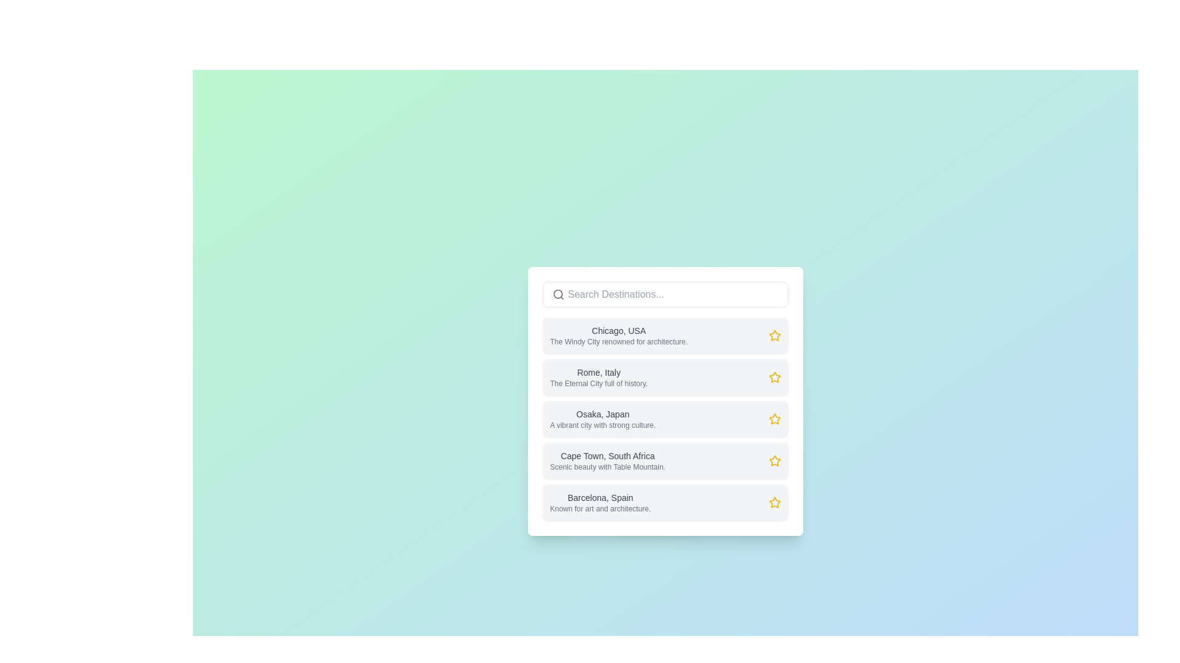  Describe the element at coordinates (774, 502) in the screenshot. I see `the star icon located at the bottommost list item of destination entries` at that location.